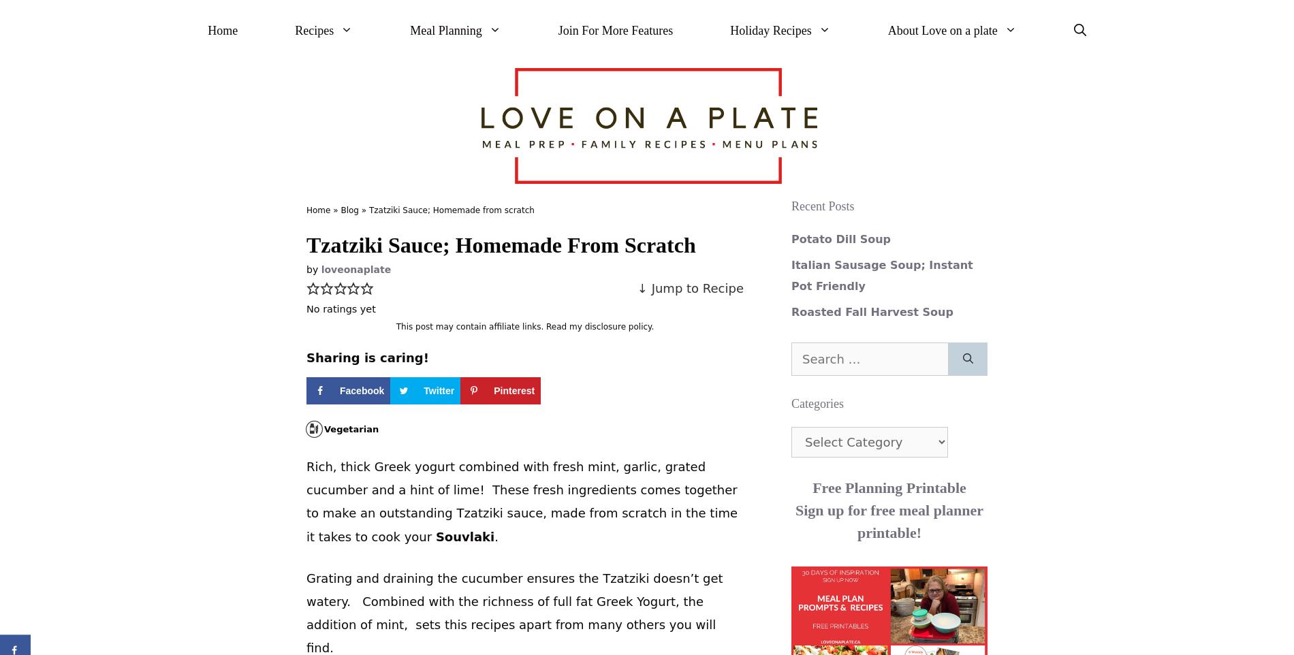 This screenshot has height=655, width=1294. I want to click on 'Vegetarian', so click(351, 429).